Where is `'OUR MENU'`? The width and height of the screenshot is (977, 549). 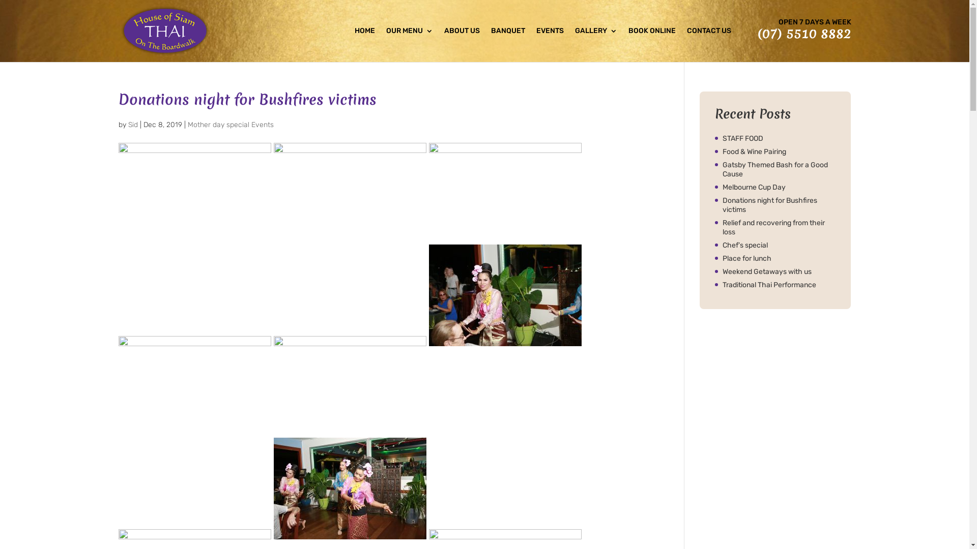
'OUR MENU' is located at coordinates (385, 44).